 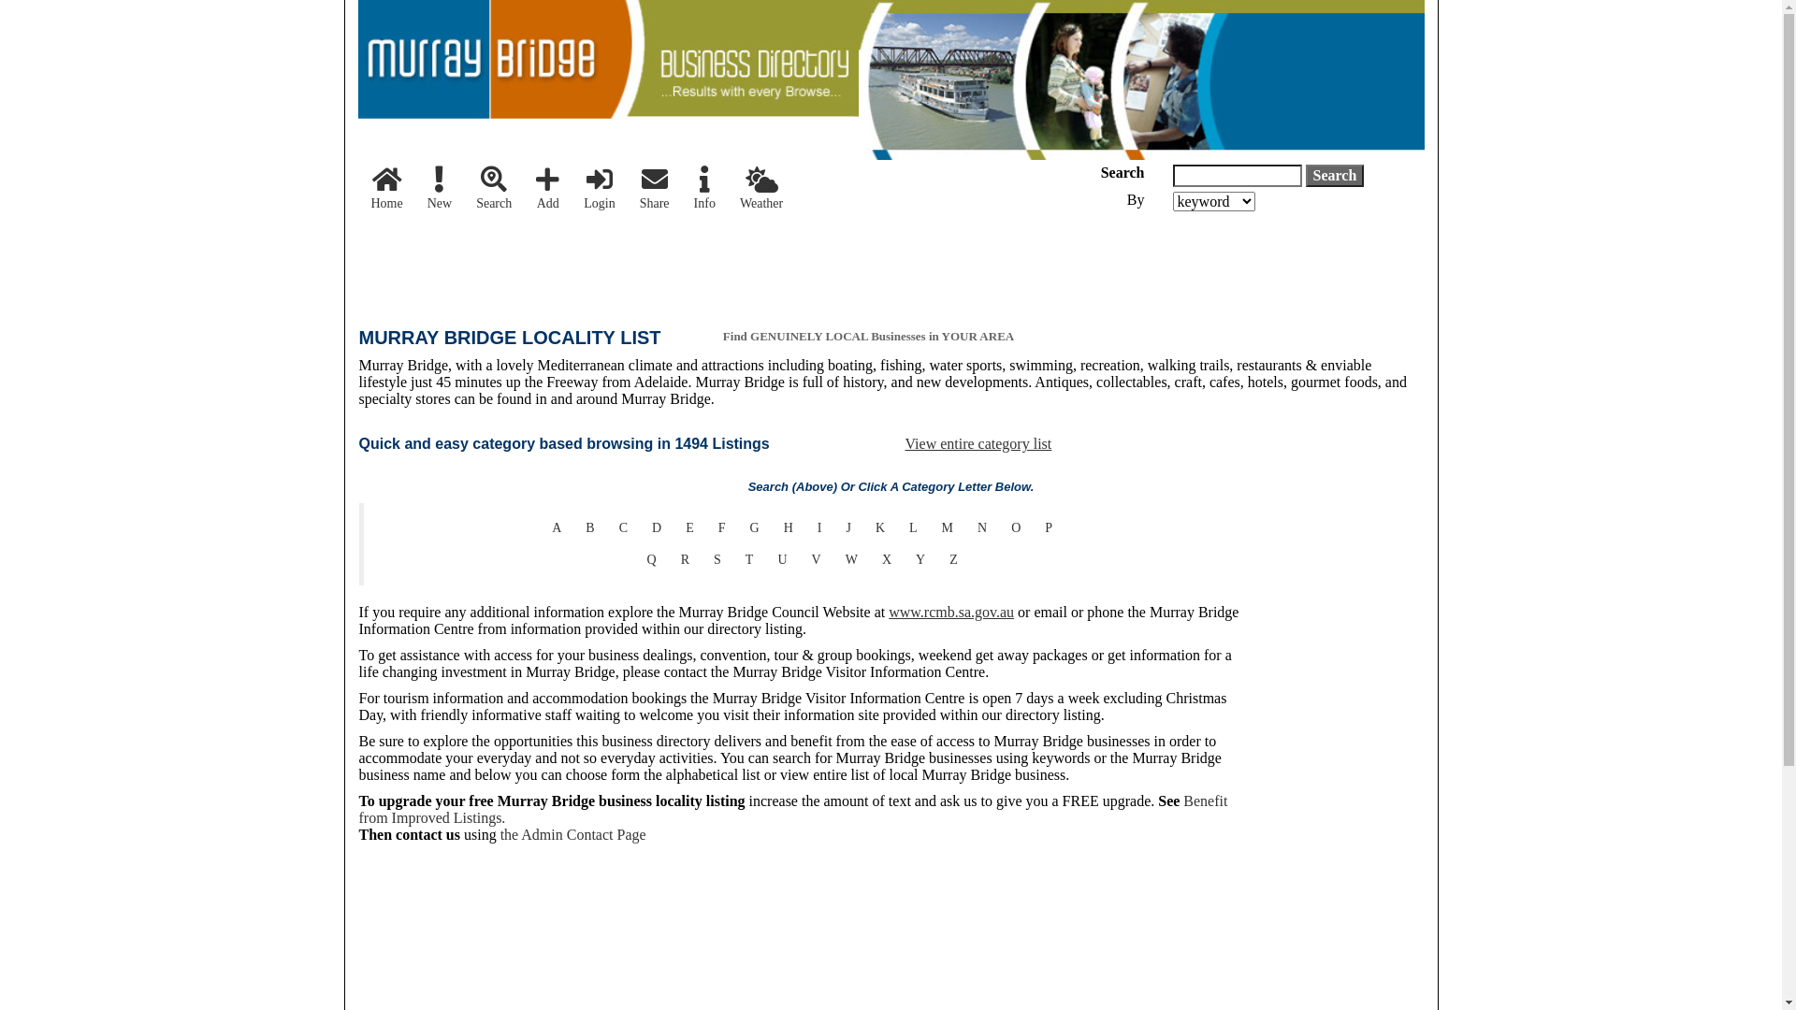 What do you see at coordinates (703, 190) in the screenshot?
I see `'Info'` at bounding box center [703, 190].